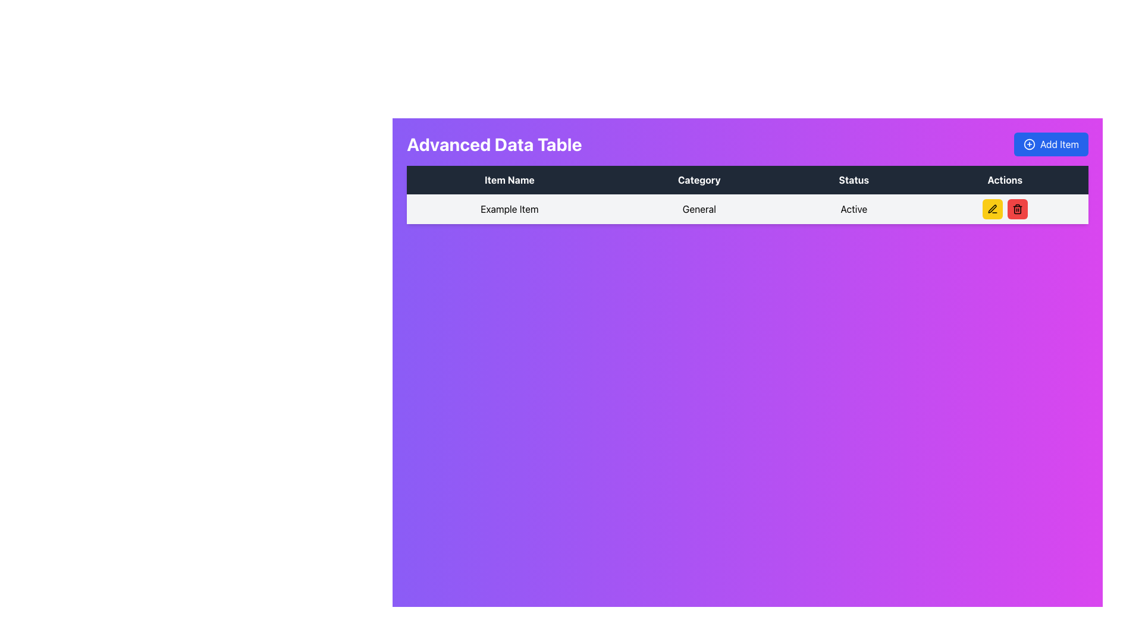  Describe the element at coordinates (1029, 144) in the screenshot. I see `the circular outline of the icon inside the 'Add Item' button located in the top-right corner of the interface` at that location.